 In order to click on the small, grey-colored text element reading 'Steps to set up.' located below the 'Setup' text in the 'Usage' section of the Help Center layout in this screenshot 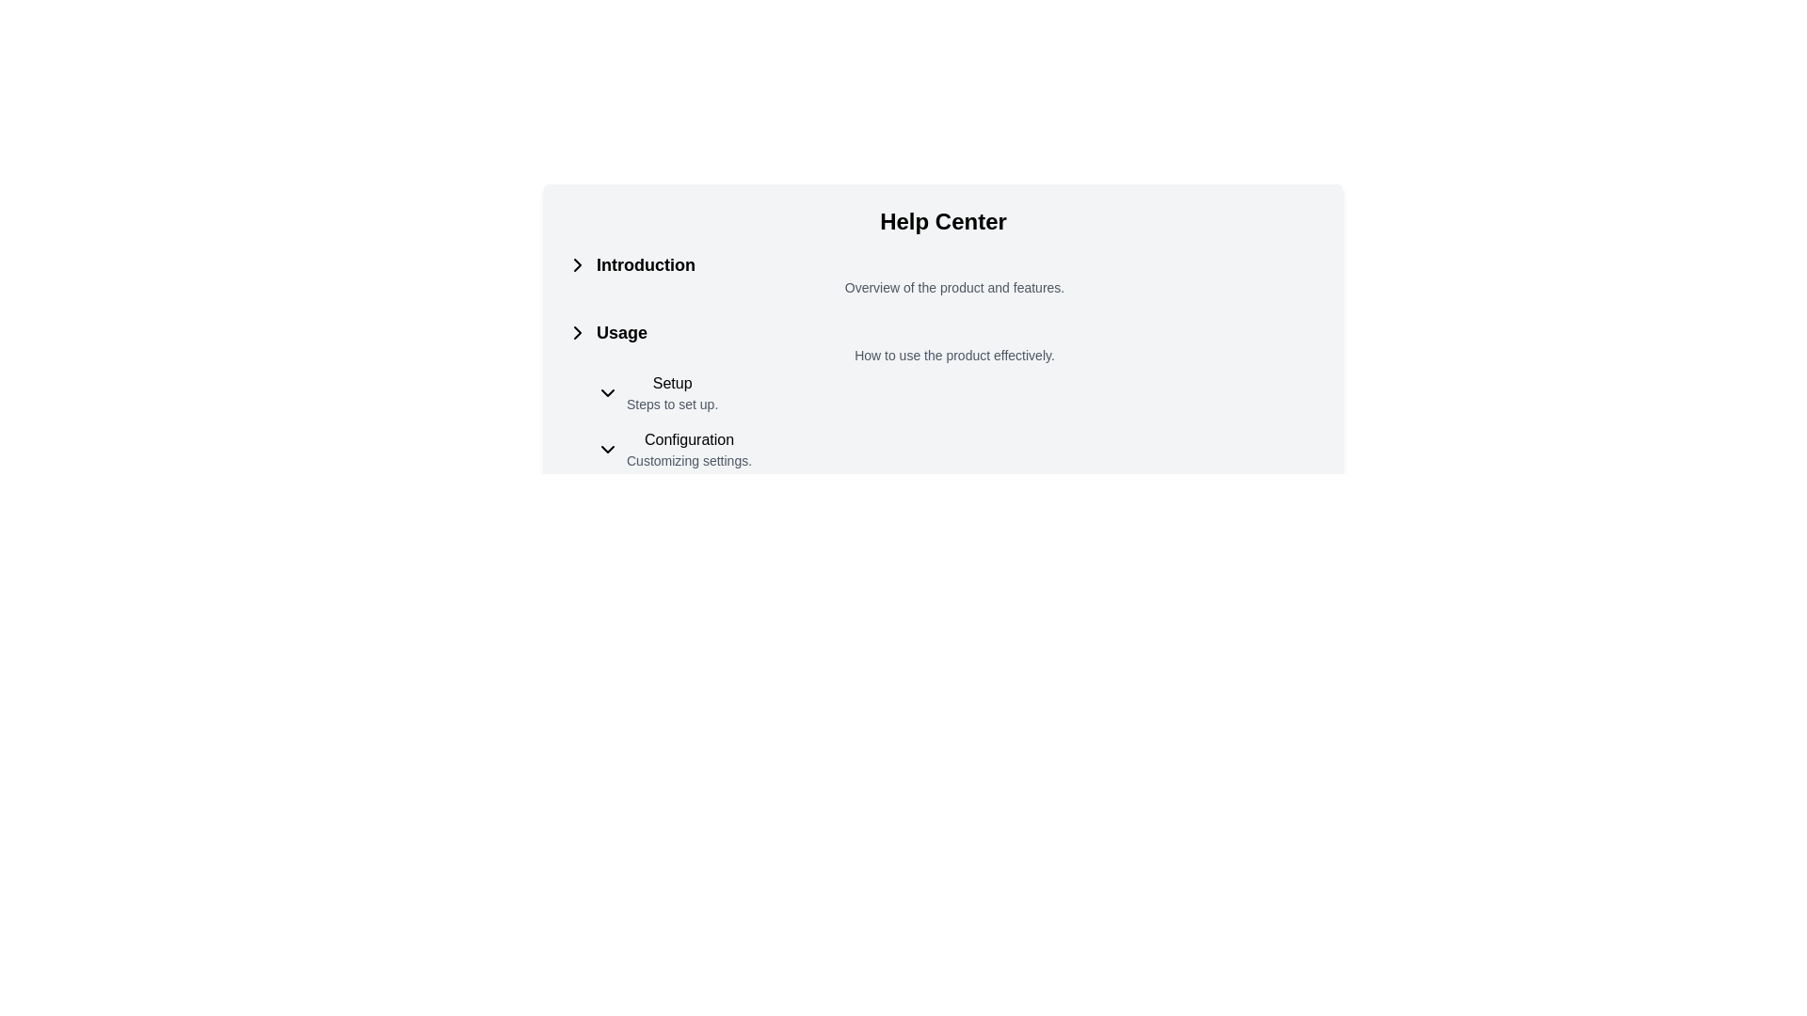, I will do `click(672, 403)`.